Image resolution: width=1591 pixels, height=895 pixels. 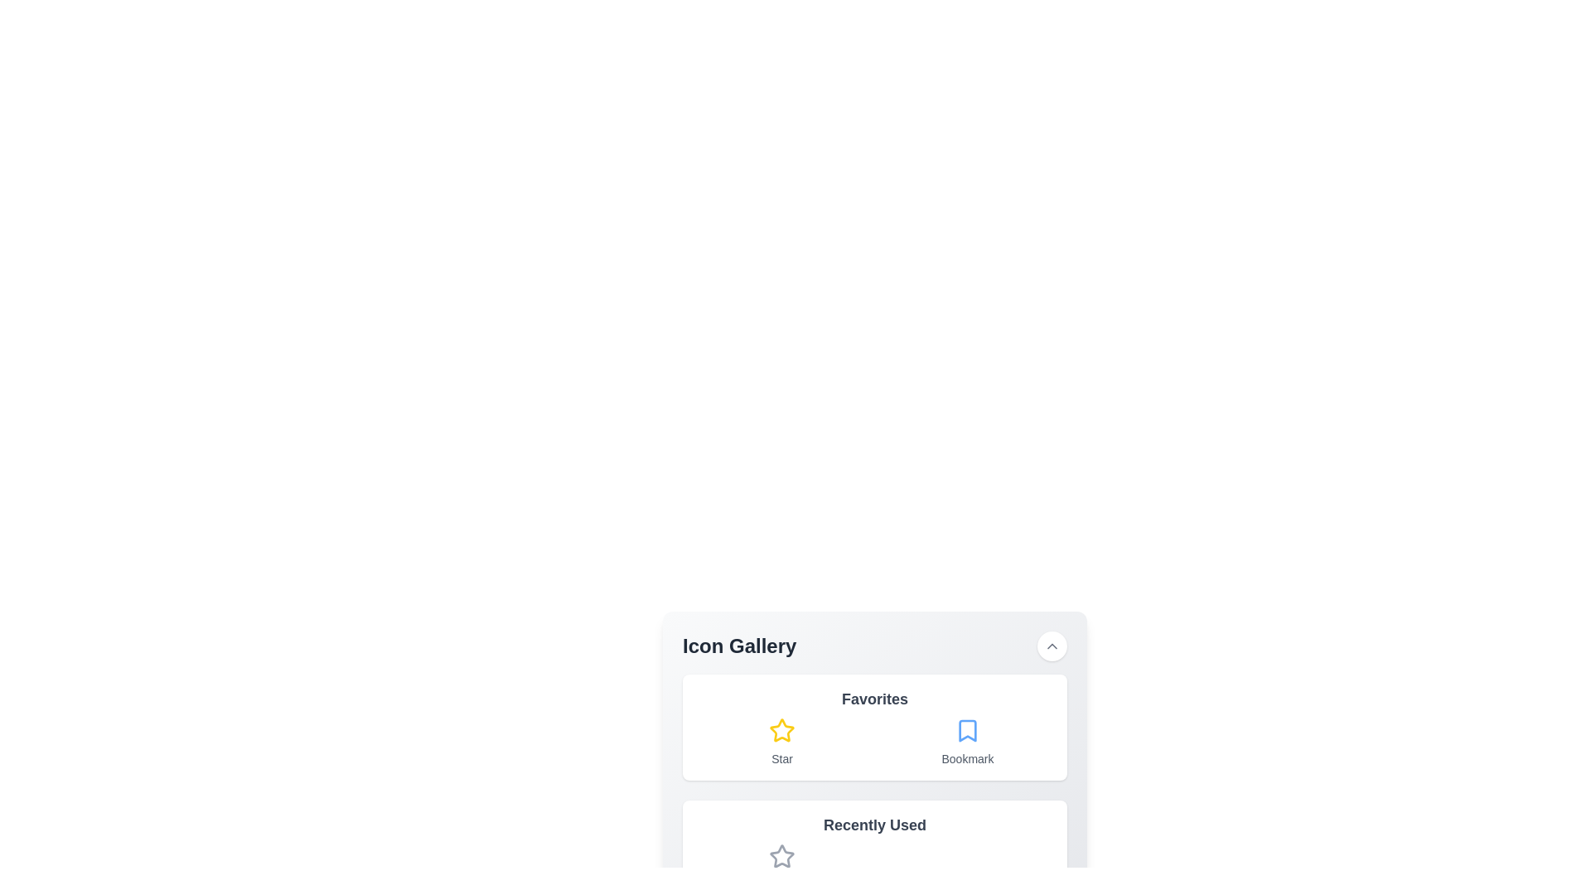 I want to click on the 'Star' icon in the 'Favorites' section of the 'Icon Gallery' to use it as a reference for thematic grouping, so click(x=781, y=741).